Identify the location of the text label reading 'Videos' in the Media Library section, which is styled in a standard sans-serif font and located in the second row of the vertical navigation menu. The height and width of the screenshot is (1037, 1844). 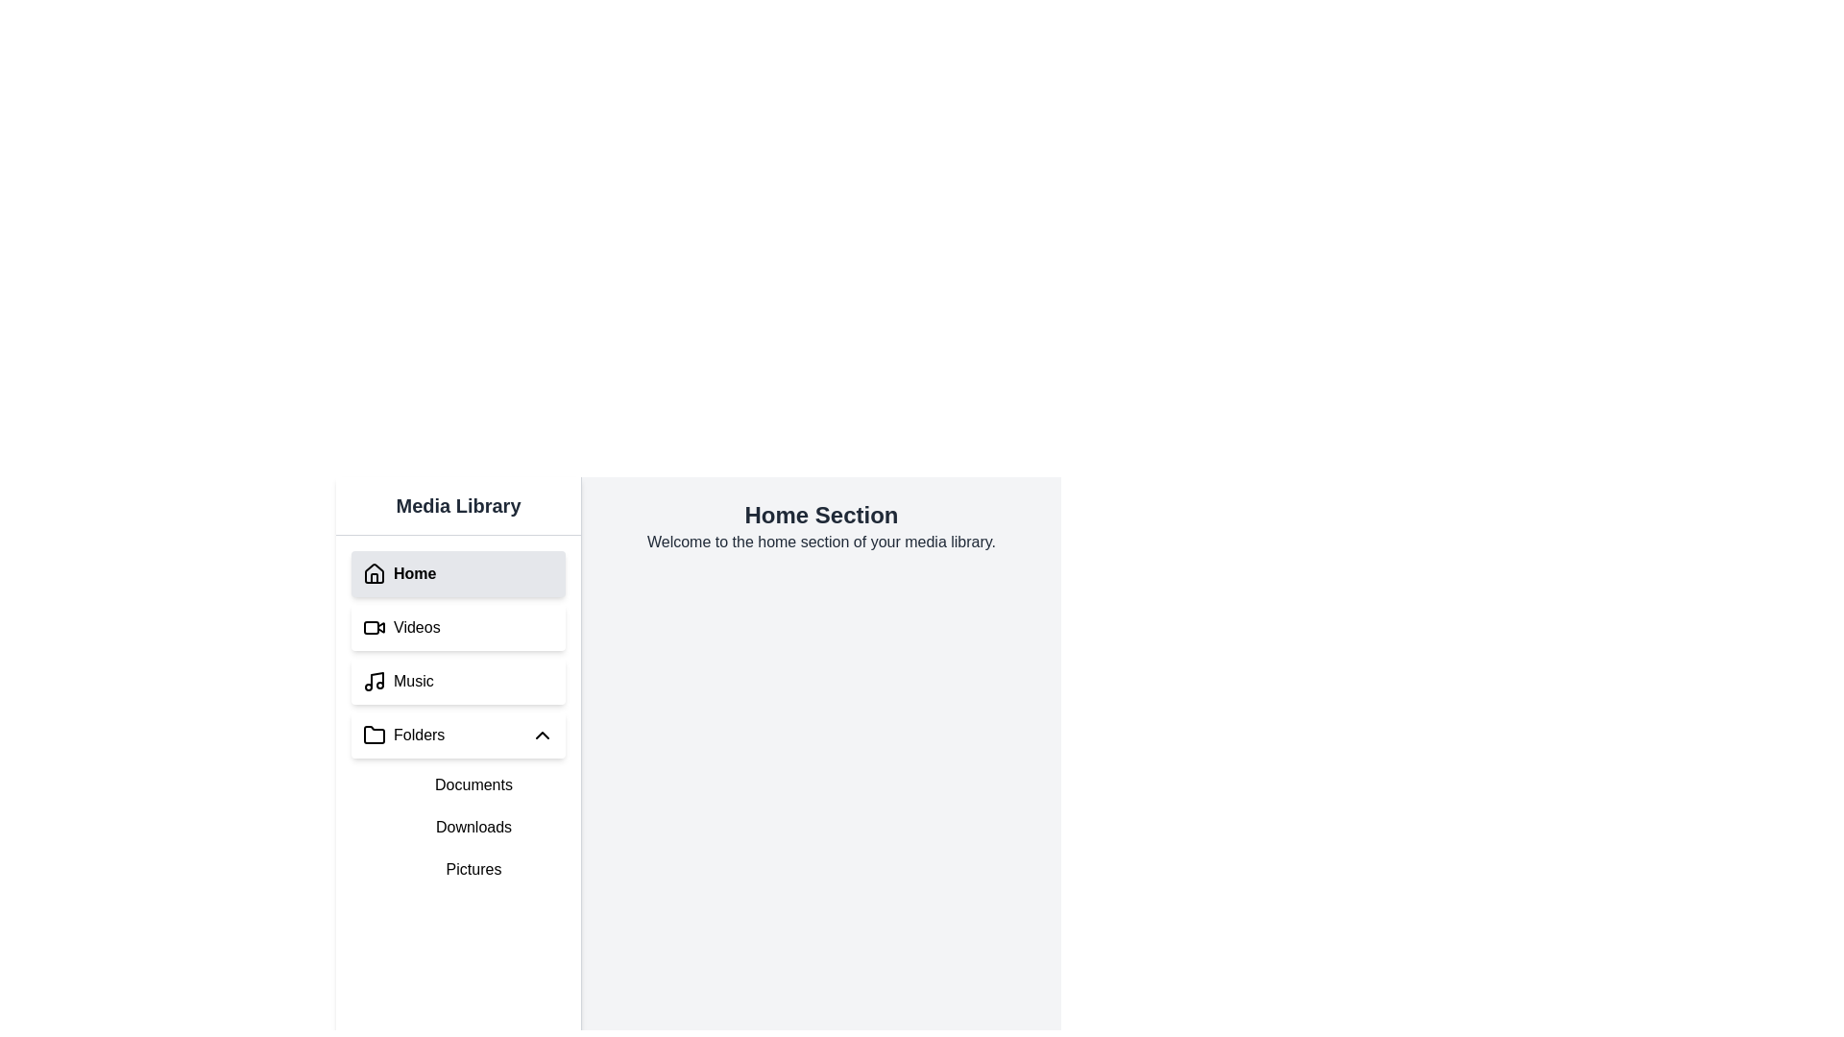
(416, 628).